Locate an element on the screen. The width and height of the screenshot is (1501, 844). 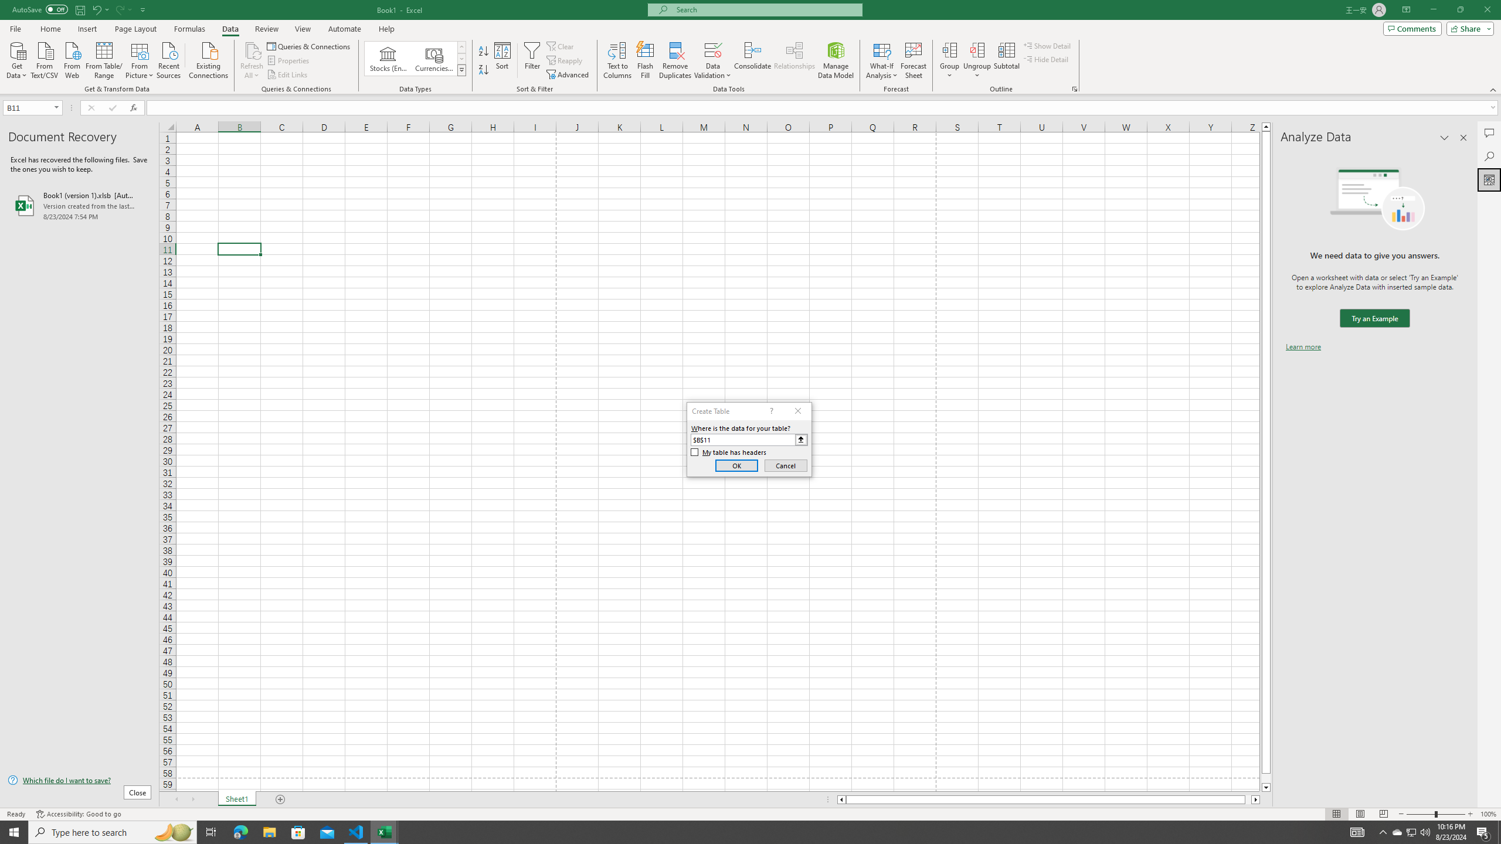
'Zoom' is located at coordinates (1435, 814).